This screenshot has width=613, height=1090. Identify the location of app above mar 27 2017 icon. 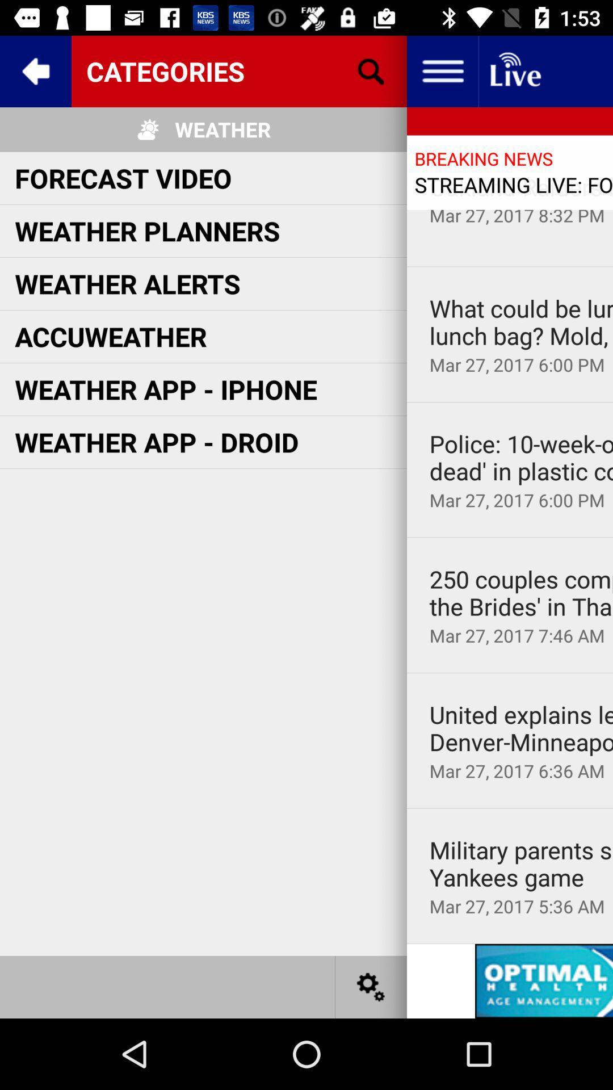
(521, 728).